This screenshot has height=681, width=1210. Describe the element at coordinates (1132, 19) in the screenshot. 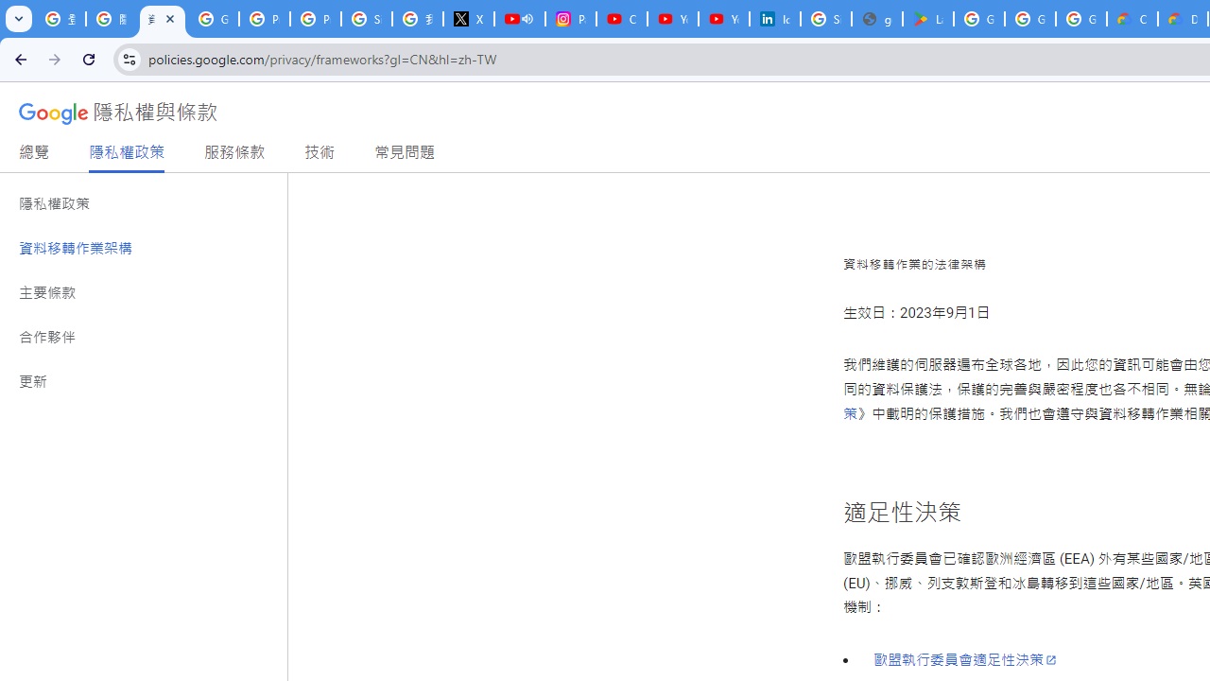

I see `'Customer Care | Google Cloud'` at that location.